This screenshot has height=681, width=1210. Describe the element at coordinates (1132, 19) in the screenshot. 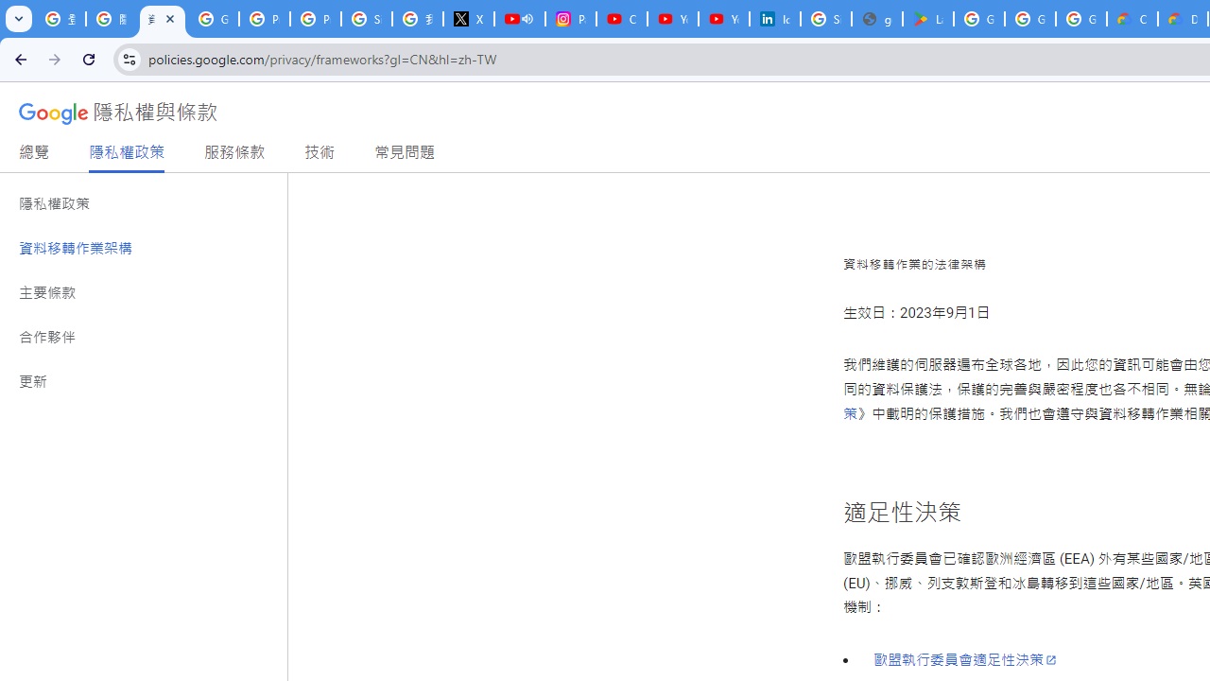

I see `'Customer Care | Google Cloud'` at that location.